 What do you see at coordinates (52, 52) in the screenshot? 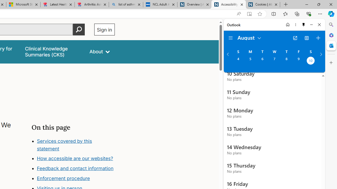
I see `'false'` at bounding box center [52, 52].